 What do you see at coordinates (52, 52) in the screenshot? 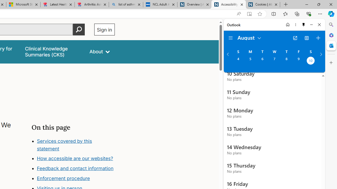
I see `'false'` at bounding box center [52, 52].